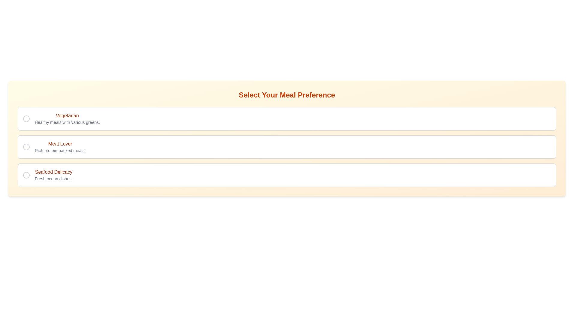  What do you see at coordinates (67, 115) in the screenshot?
I see `the text label displaying the title or name of the selectable meal preference category, which is located on the left side of the first horizontal section, above the descriptive text 'Healthy meals with various greens.'` at bounding box center [67, 115].